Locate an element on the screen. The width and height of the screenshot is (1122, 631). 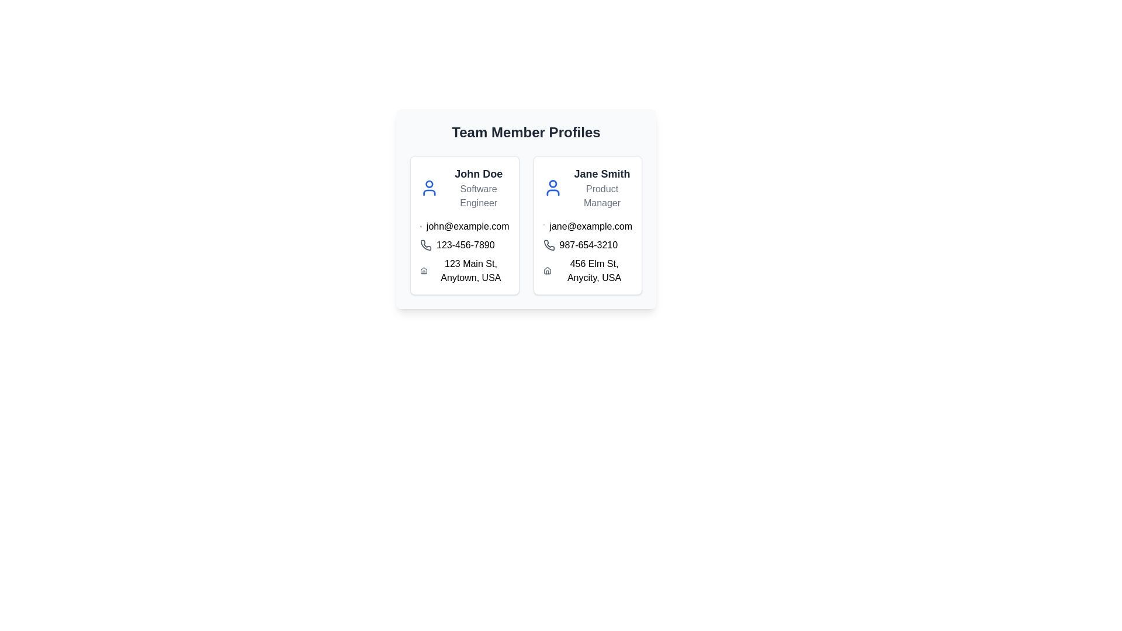
the address information text with icon located at the bottom of the left profile card in the 'Team Member Profiles' section for reading is located at coordinates (464, 271).